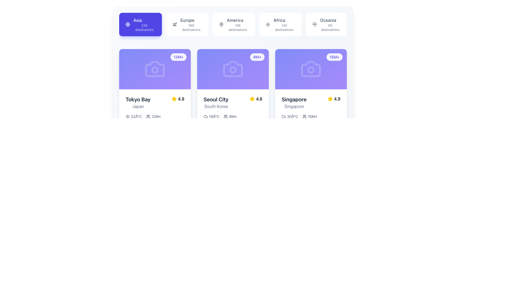 The image size is (513, 288). I want to click on informational text label titled 'America' with the destination count of '156 destinations', located in the middle row of the top navigation bar, third from the left, so click(237, 25).